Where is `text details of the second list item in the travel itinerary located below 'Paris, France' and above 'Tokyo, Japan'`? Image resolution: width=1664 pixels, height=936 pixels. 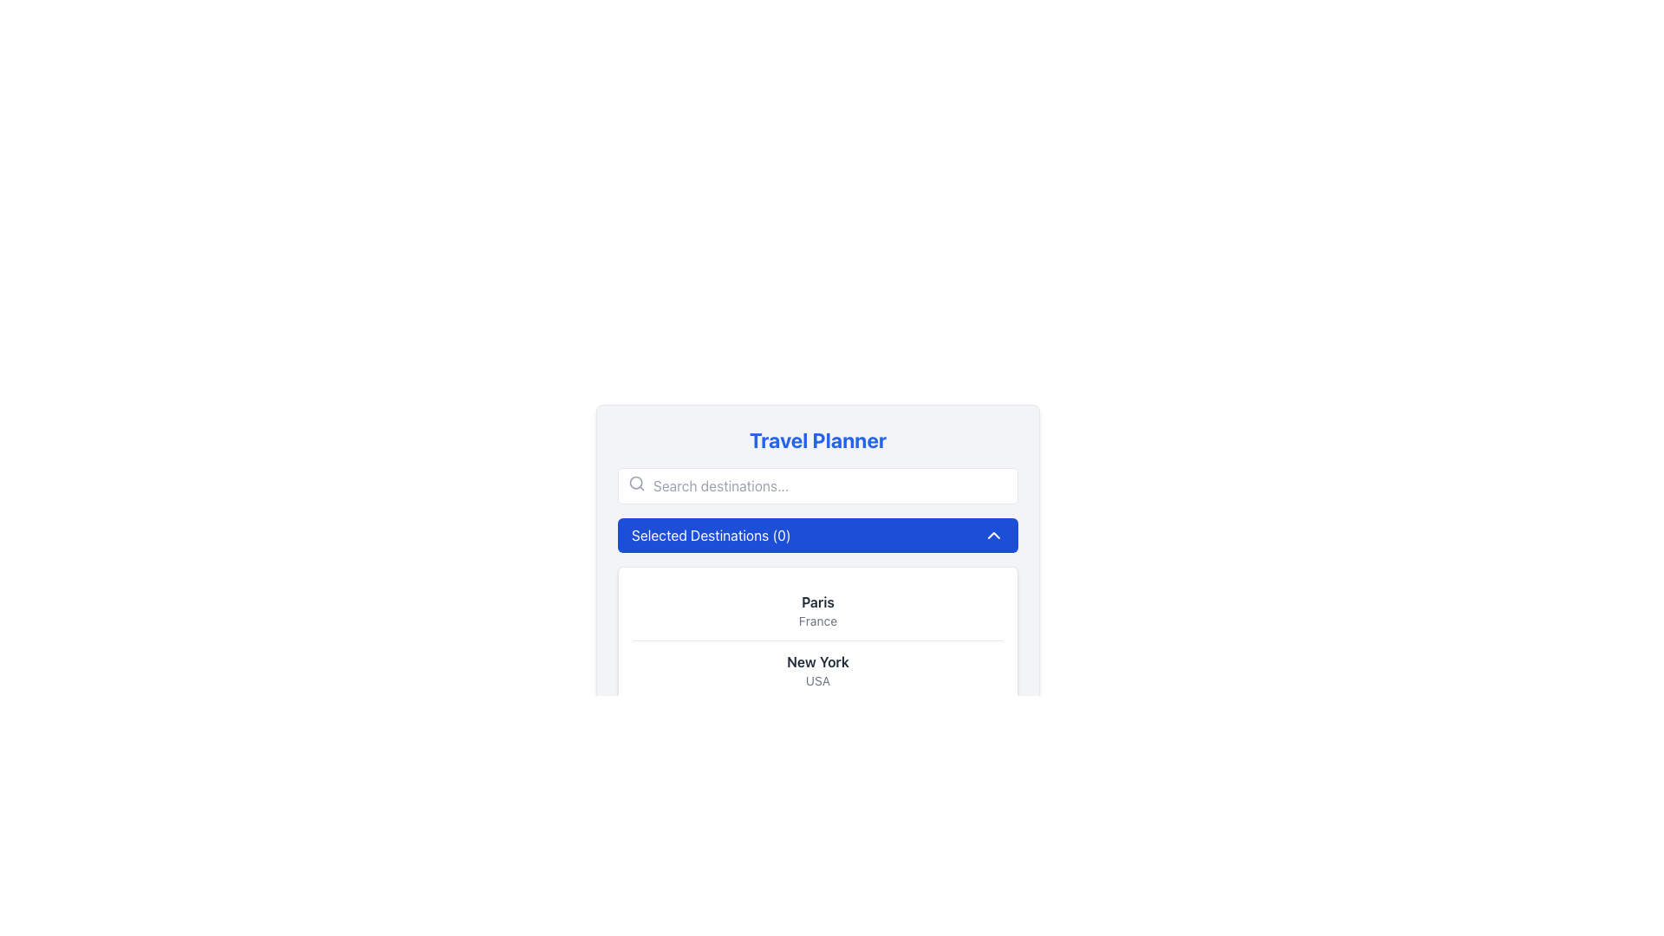
text details of the second list item in the travel itinerary located below 'Paris, France' and above 'Tokyo, Japan' is located at coordinates (817, 669).